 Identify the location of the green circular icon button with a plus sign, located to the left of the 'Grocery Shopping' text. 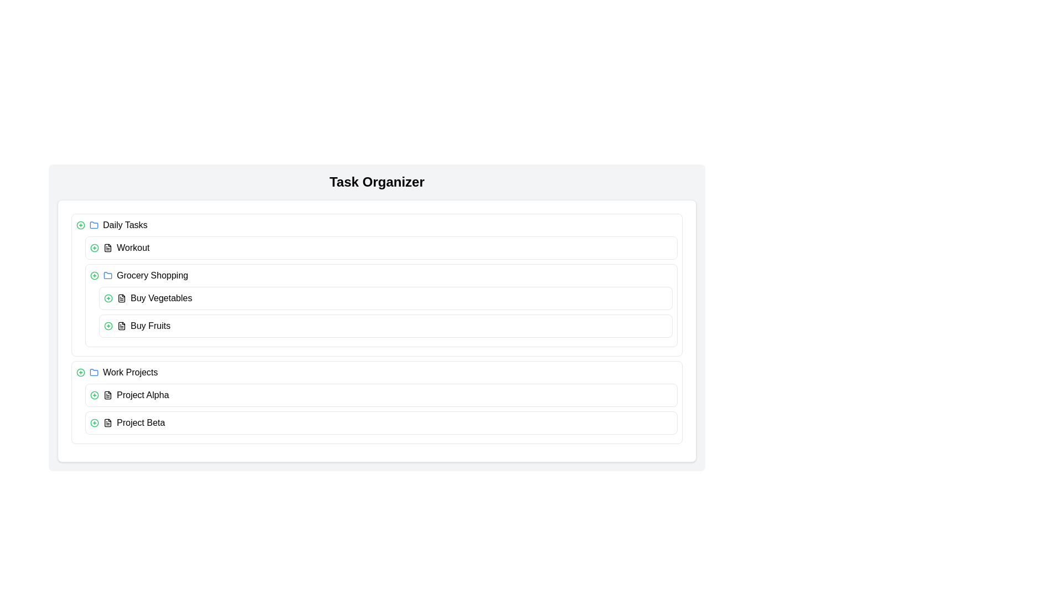
(95, 275).